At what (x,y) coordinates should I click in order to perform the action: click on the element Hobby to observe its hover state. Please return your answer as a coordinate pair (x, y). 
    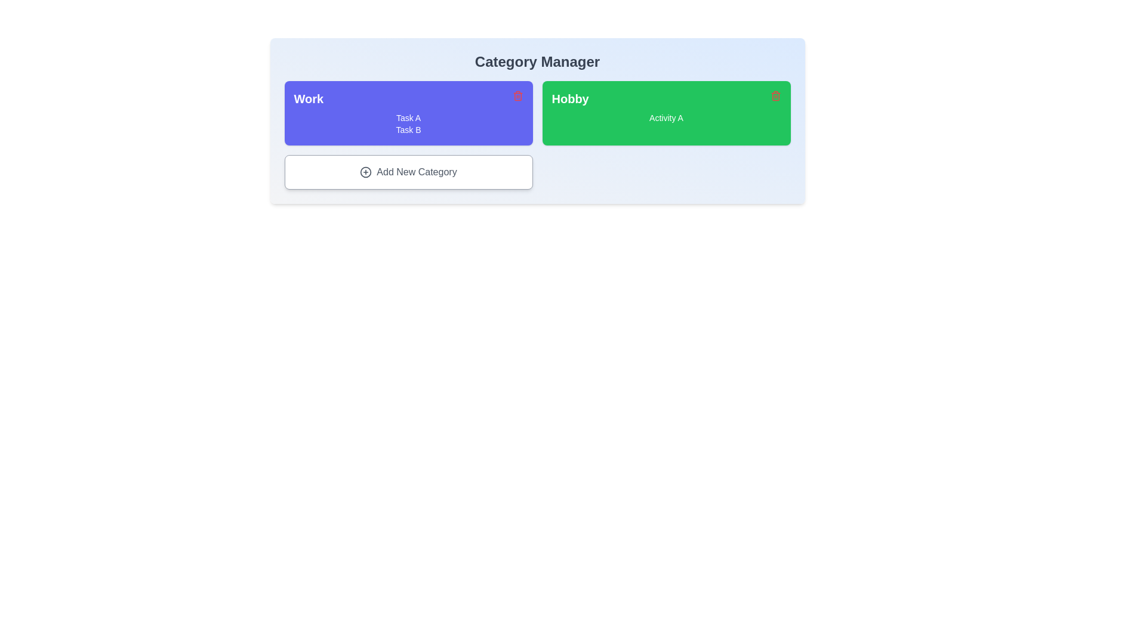
    Looking at the image, I should click on (666, 113).